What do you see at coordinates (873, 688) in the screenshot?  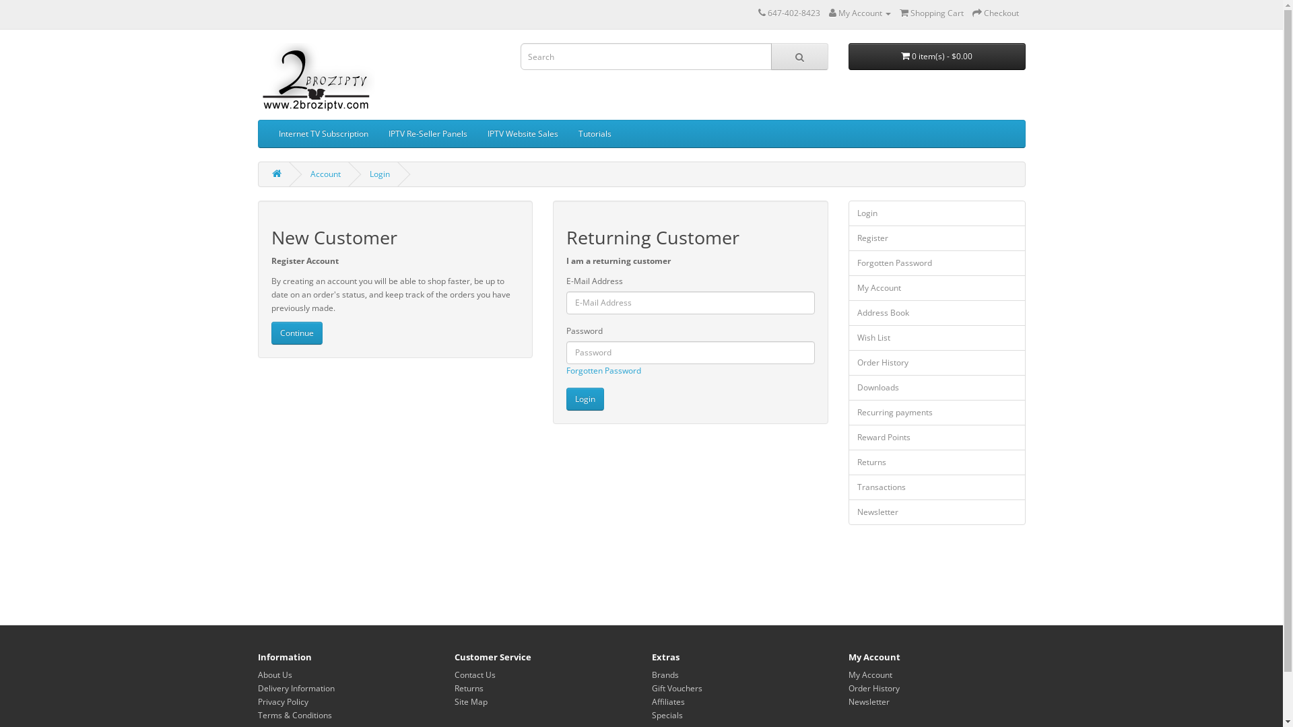 I see `'Order History'` at bounding box center [873, 688].